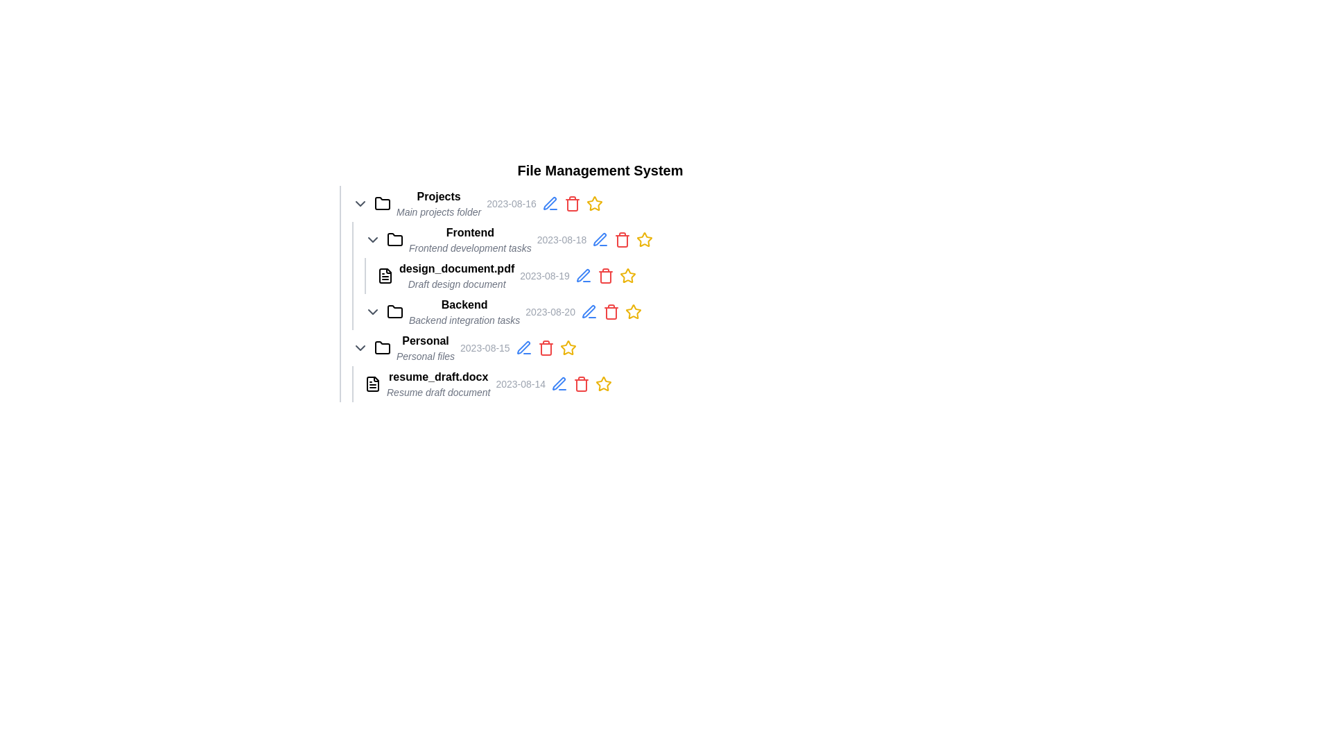 The width and height of the screenshot is (1331, 749). What do you see at coordinates (385, 275) in the screenshot?
I see `the document icon located beside the text 'design_document.pdf' in the 'Frontend' folder's file listing` at bounding box center [385, 275].